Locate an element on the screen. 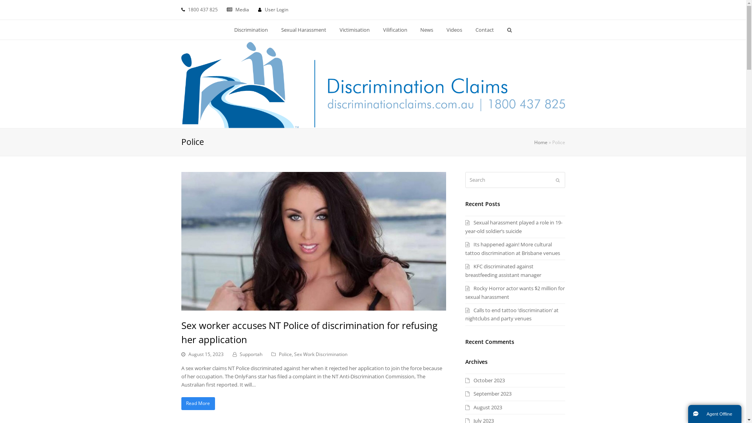 This screenshot has height=423, width=752. 'Police' is located at coordinates (285, 354).